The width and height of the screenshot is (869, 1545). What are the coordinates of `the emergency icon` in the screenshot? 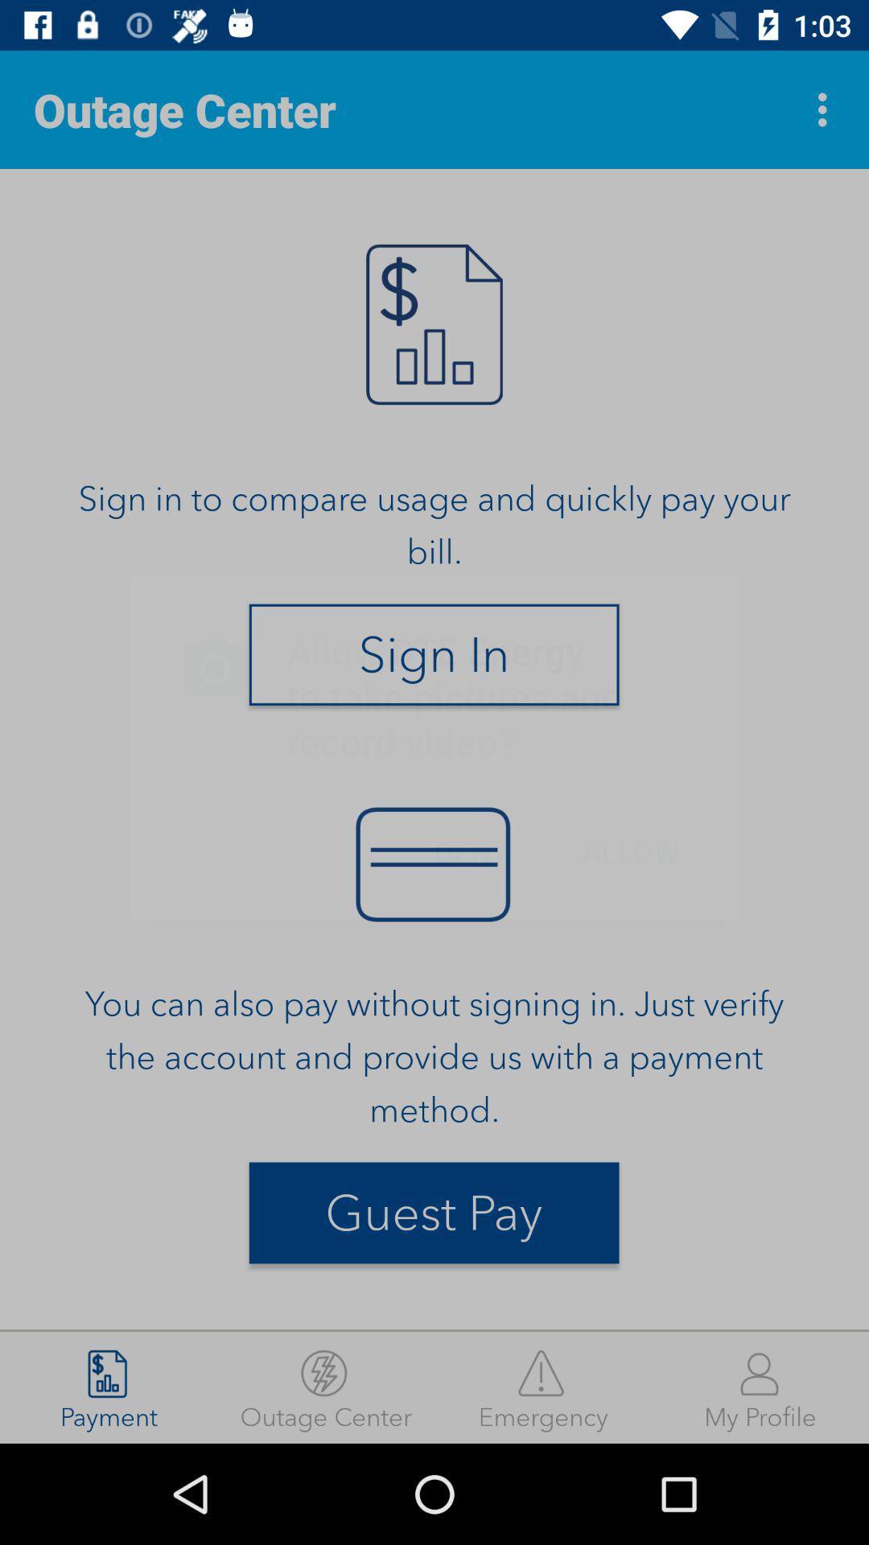 It's located at (543, 1386).